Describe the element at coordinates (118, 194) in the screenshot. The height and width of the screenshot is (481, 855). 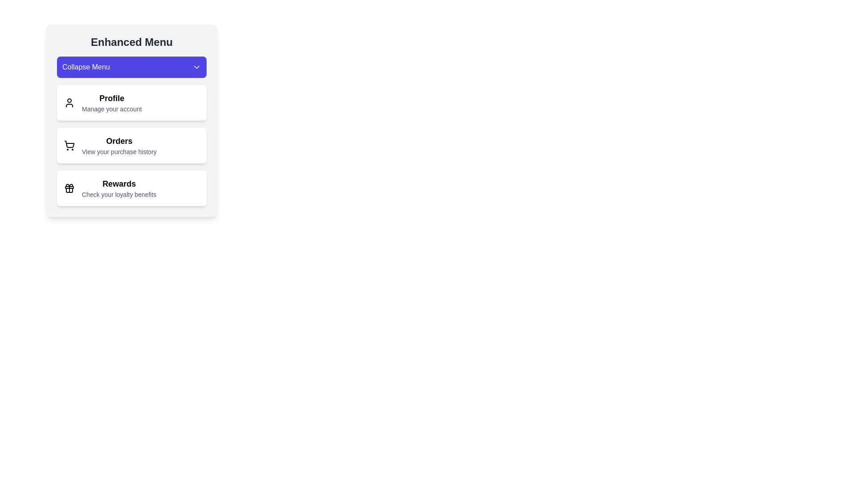
I see `the text label displaying 'Check your loyalty benefits', which is located below the 'Rewards' text and is part of a menu item in a vertically structured interface` at that location.